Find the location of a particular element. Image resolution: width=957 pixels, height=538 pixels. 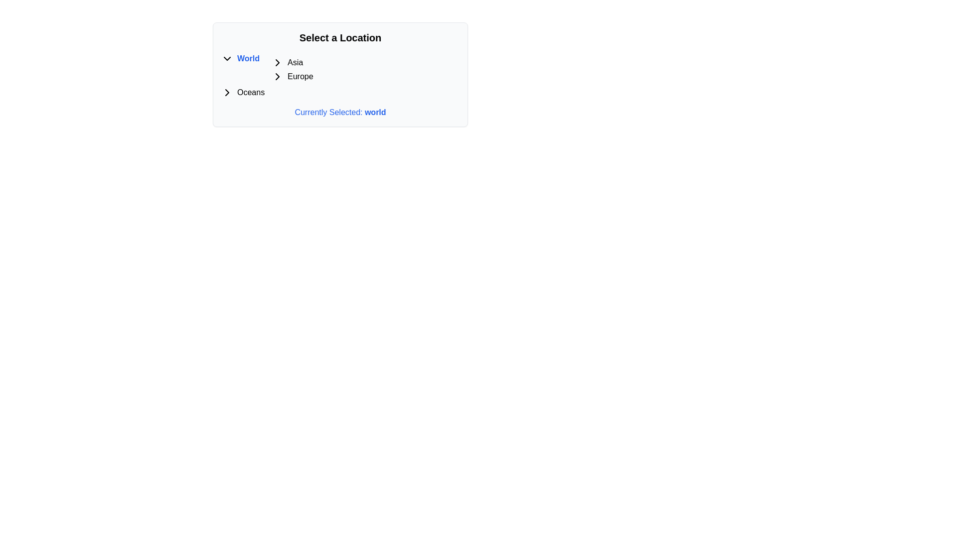

the Chevron icon associated with the 'Europe' entry to expand or reveal additional details or options is located at coordinates (277, 76).